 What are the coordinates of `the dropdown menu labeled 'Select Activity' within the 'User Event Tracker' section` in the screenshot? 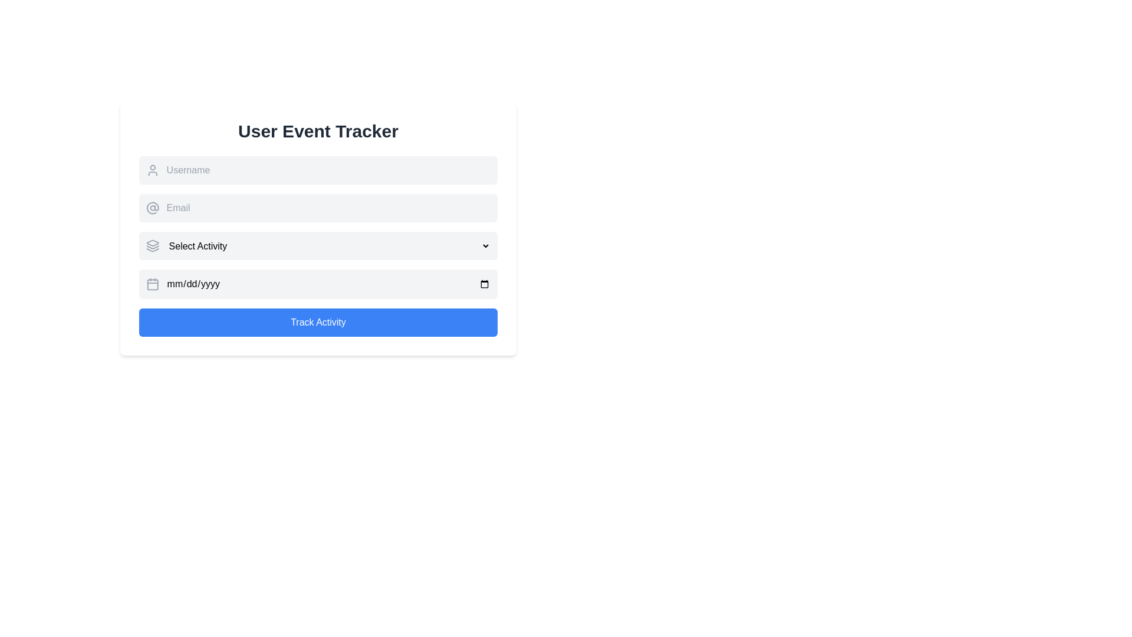 It's located at (318, 245).